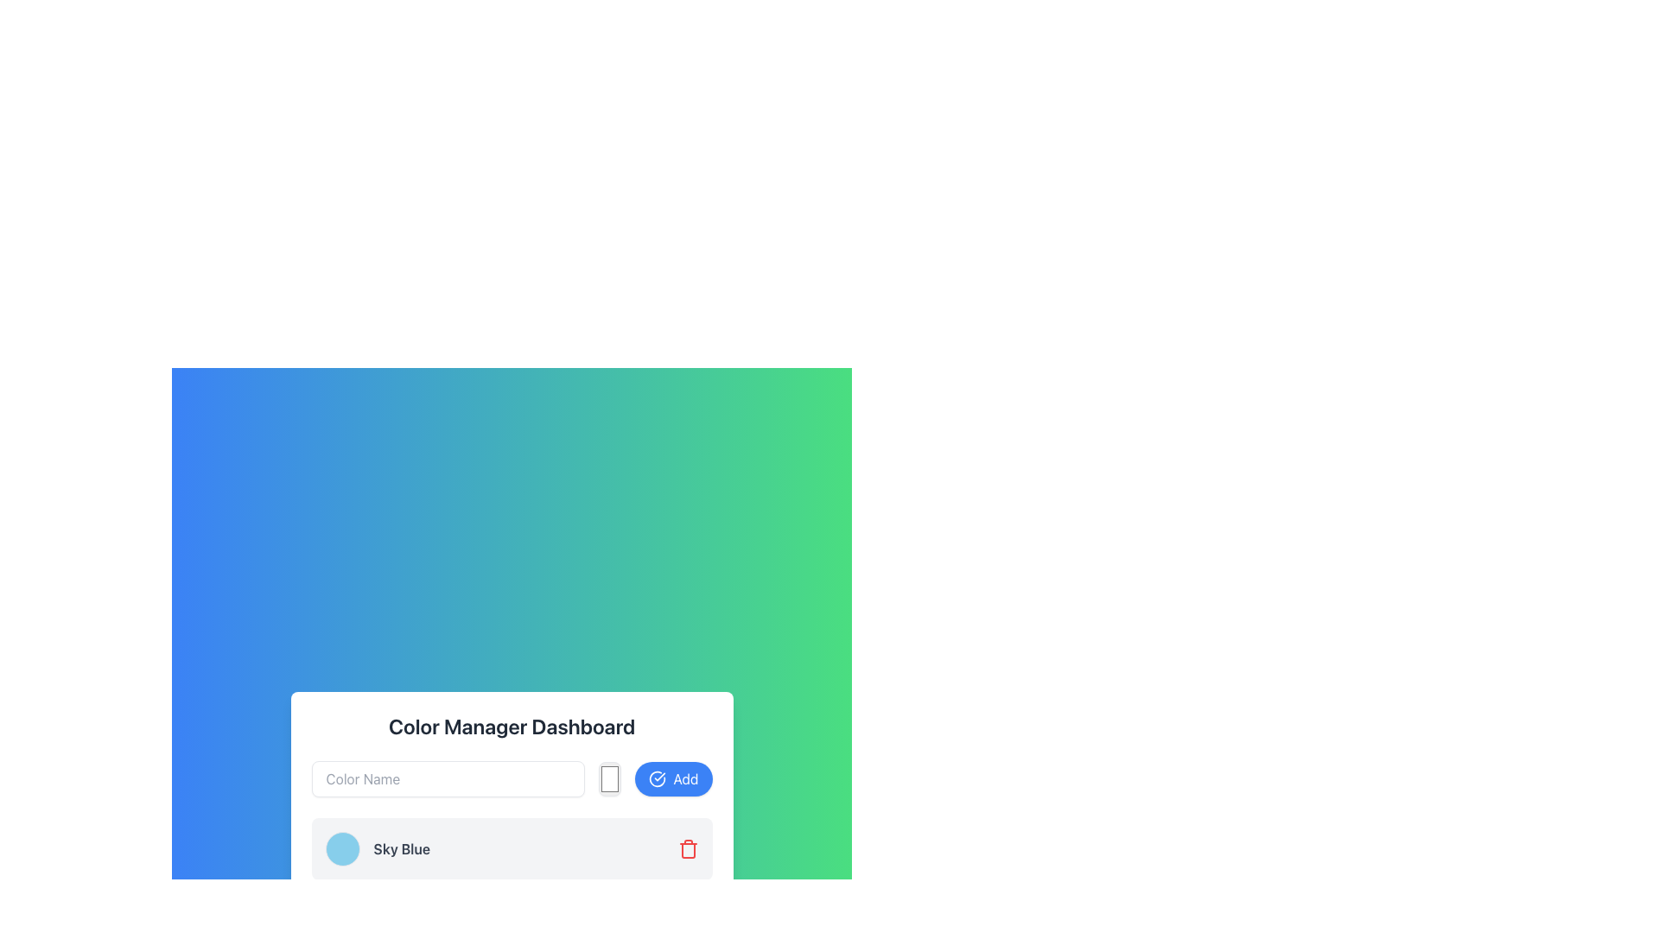  What do you see at coordinates (687, 848) in the screenshot?
I see `the trash can icon delete button outlined in red, located in the far-right portion of the 'Sky Blue' card widget` at bounding box center [687, 848].